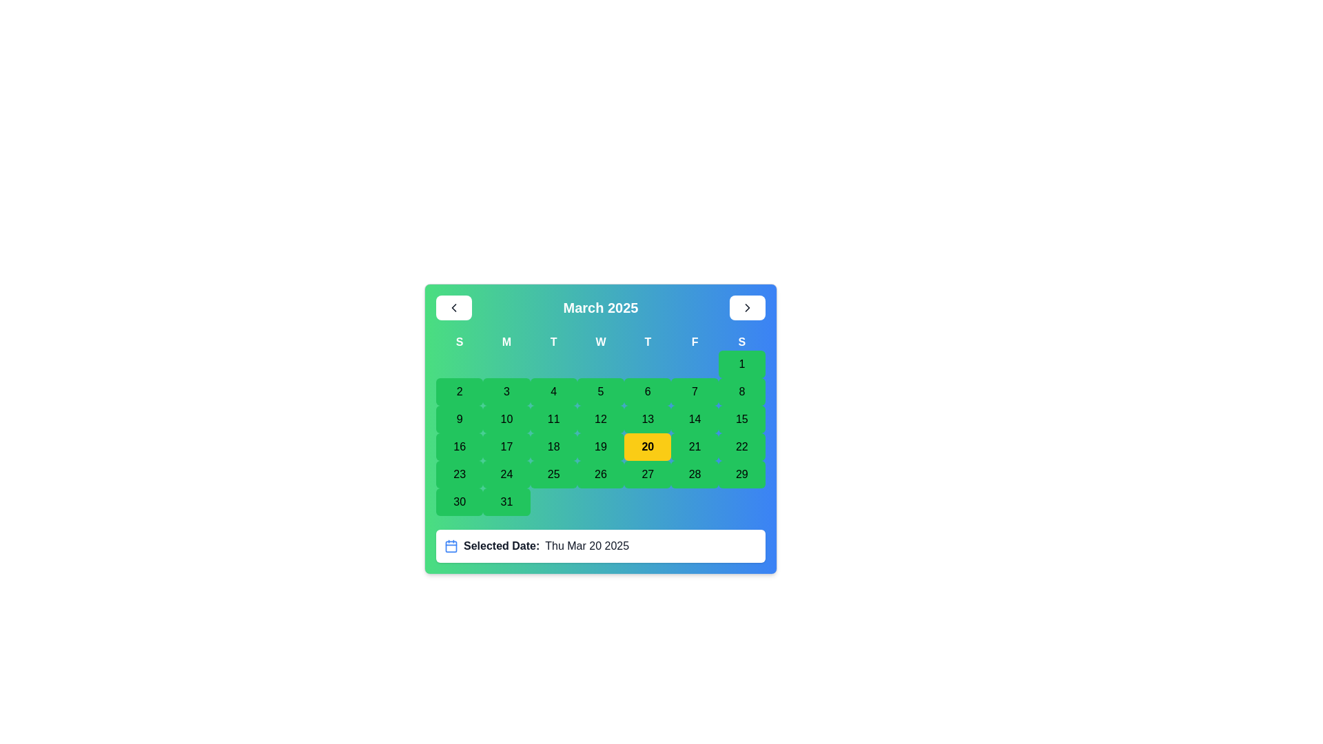 The width and height of the screenshot is (1323, 744). Describe the element at coordinates (601, 546) in the screenshot. I see `the 'Selected Date:' text label with icon, which displays the date 'Thu Mar 20 2025' and is located towards the bottom of the visible interface, under the calendar grid` at that location.